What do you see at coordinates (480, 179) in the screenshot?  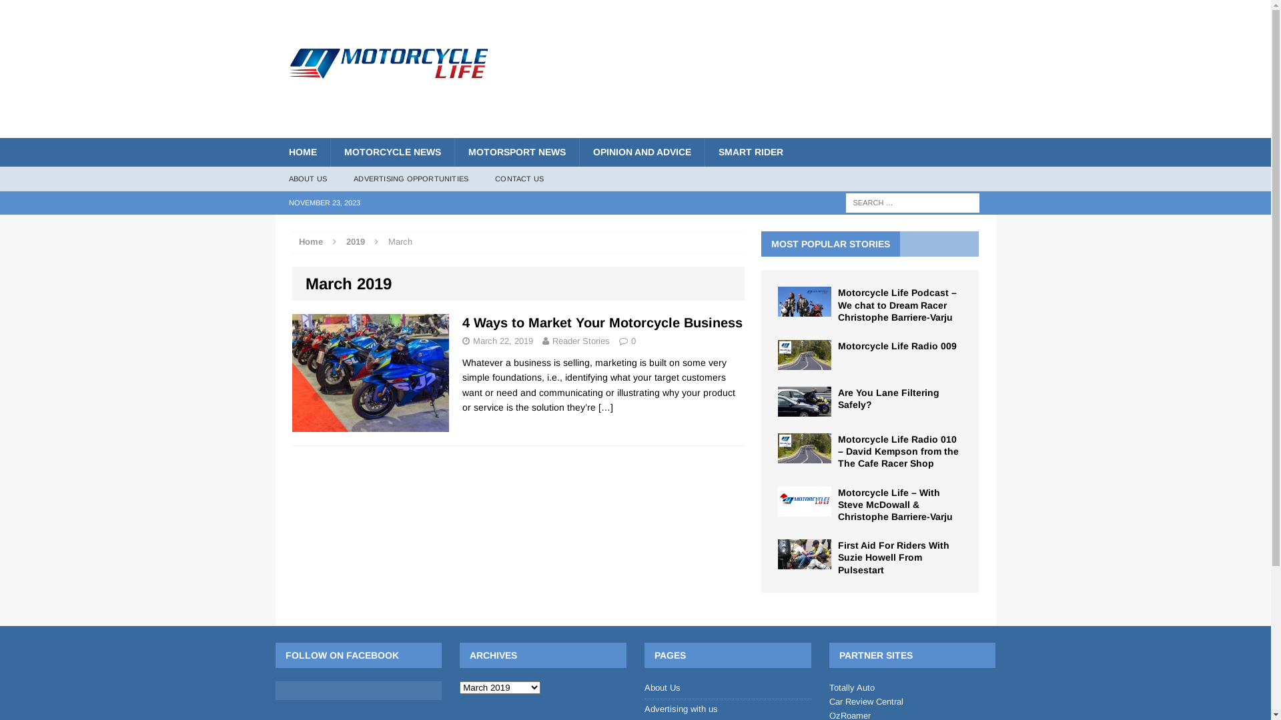 I see `'CONTACT US'` at bounding box center [480, 179].